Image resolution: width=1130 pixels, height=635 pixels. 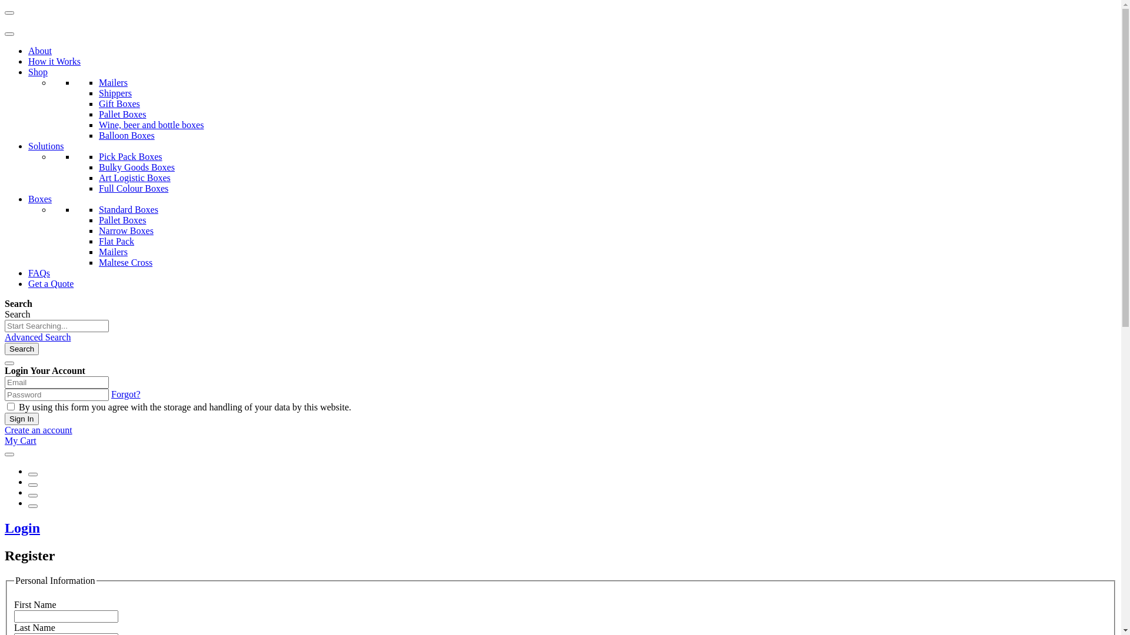 I want to click on 'Solutions', so click(x=45, y=145).